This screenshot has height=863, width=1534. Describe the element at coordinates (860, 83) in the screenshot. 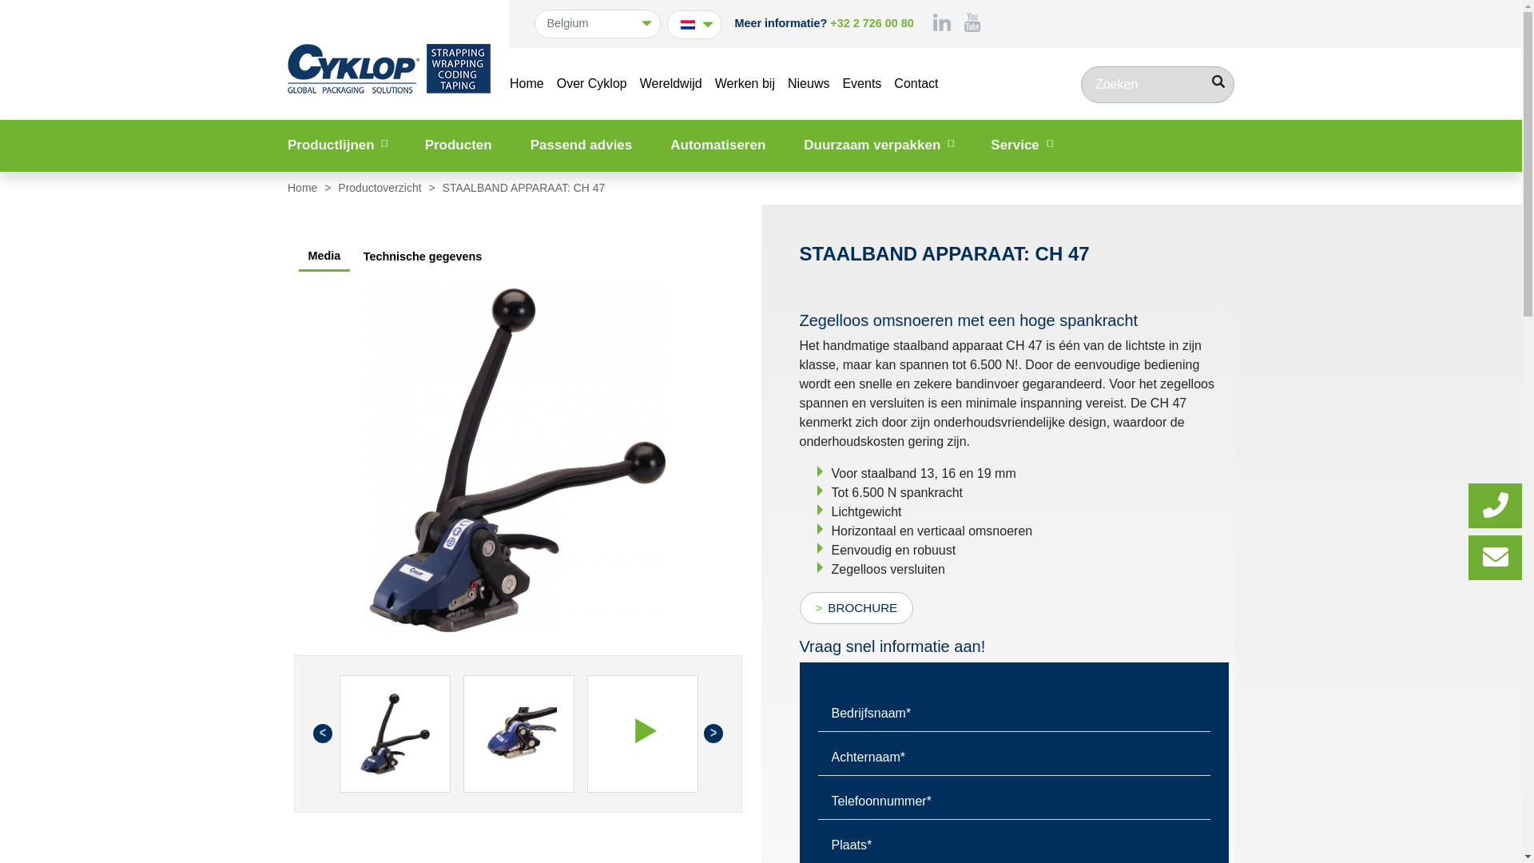

I see `'Events'` at that location.